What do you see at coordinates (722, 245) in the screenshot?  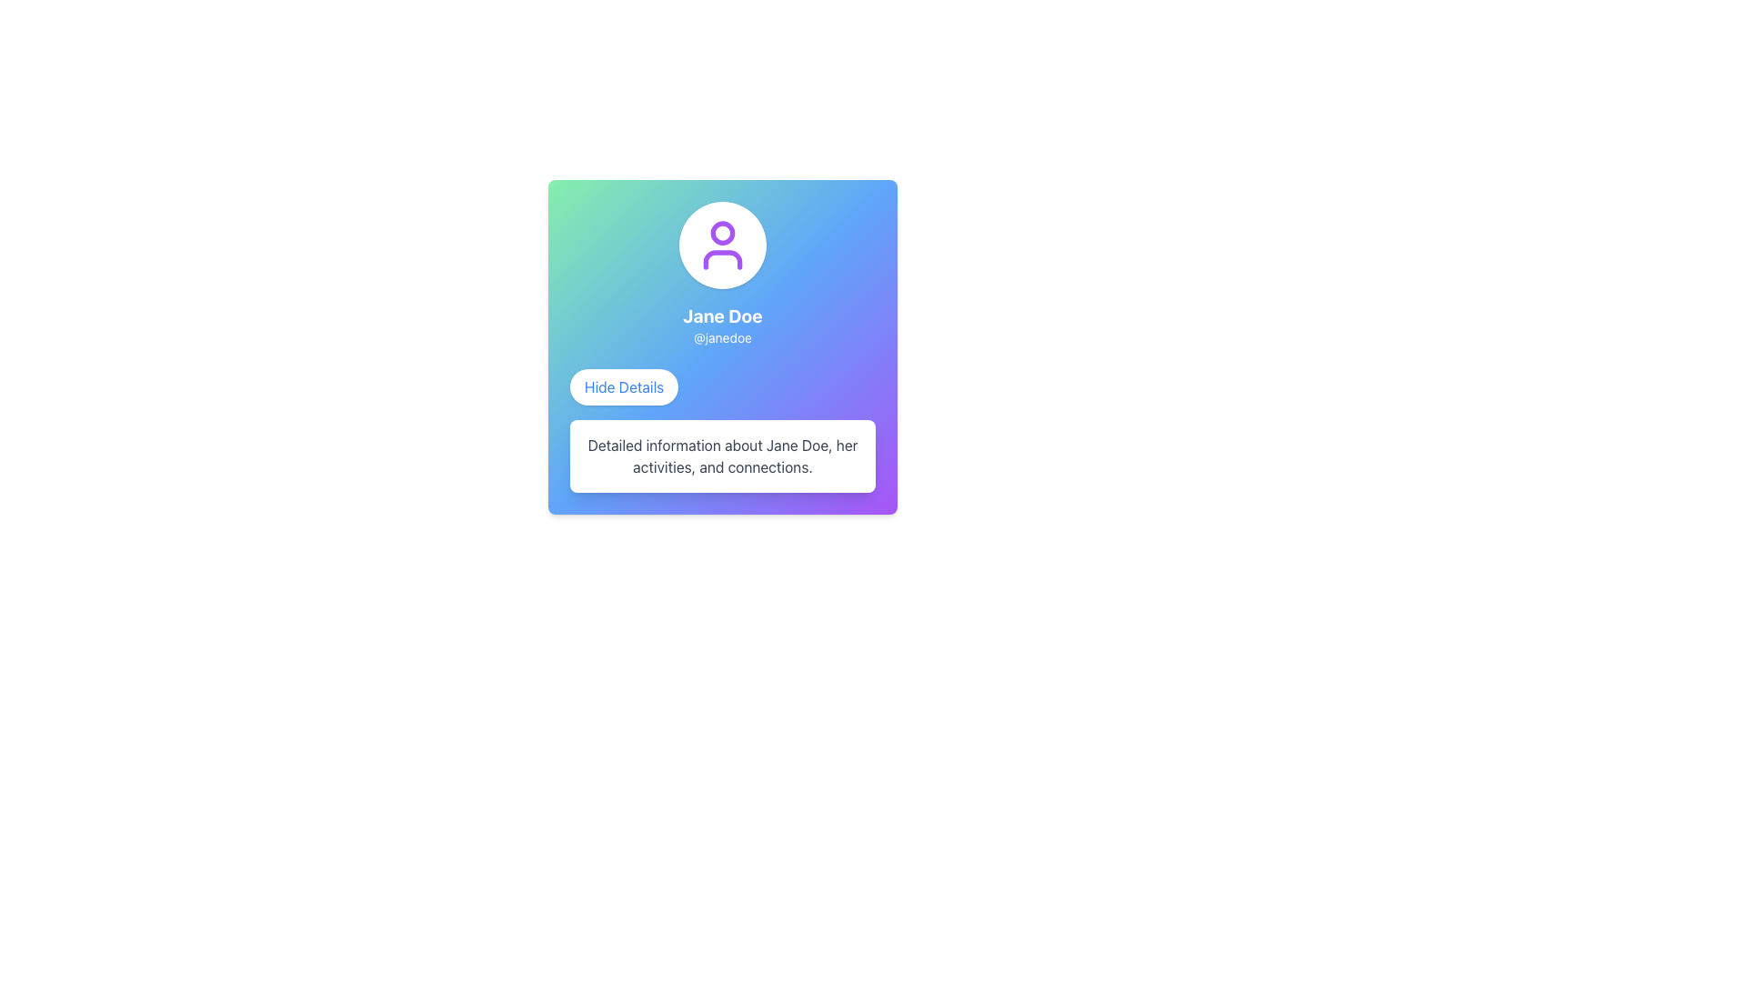 I see `the user profile icon, which is centrally located within a circular white background at the top of the card, above the 'Jane Doe' text and the '@janedoe' handle` at bounding box center [722, 245].